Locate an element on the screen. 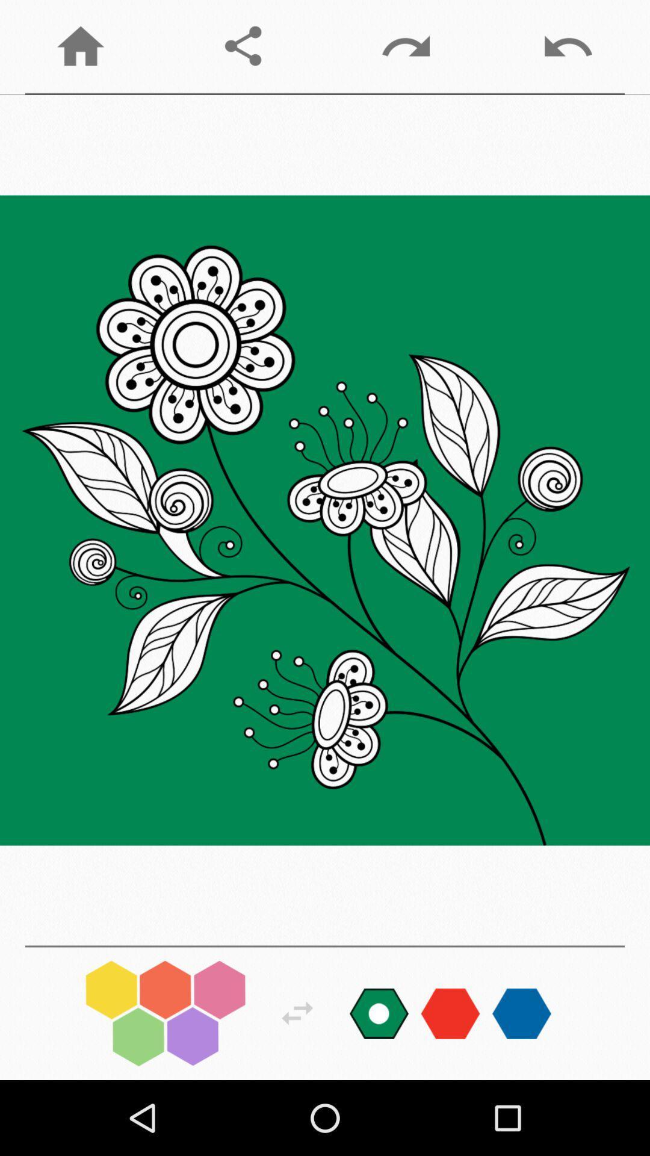  change input is located at coordinates (450, 1013).